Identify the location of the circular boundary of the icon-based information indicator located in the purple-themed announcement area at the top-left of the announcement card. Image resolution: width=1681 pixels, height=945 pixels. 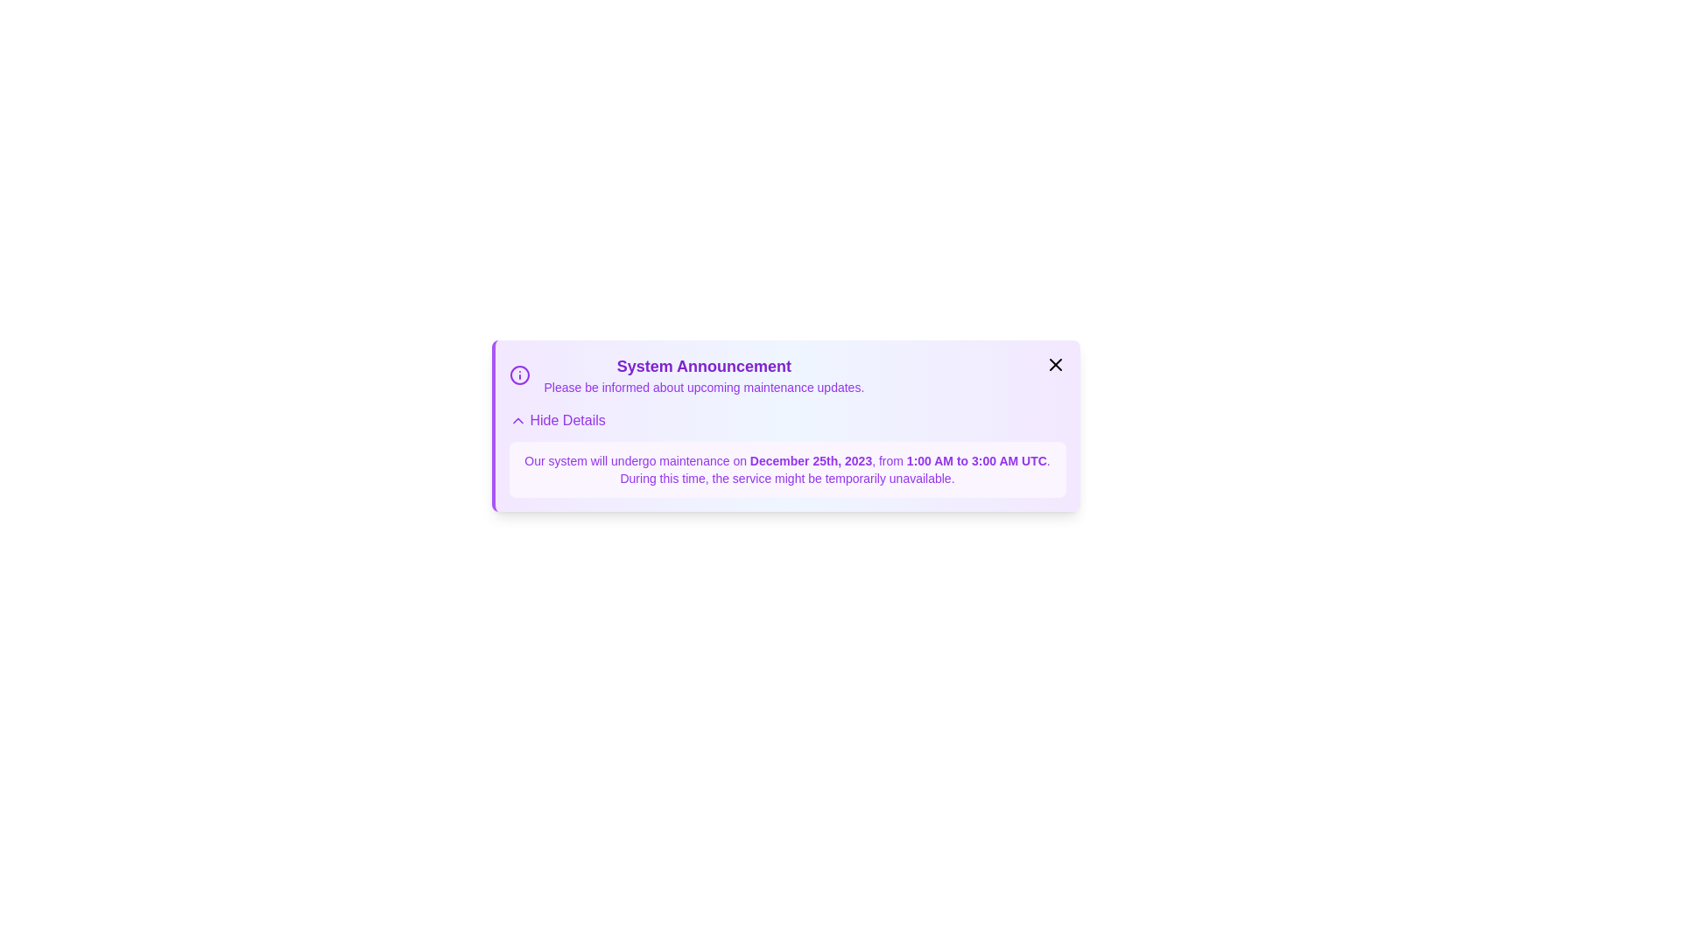
(518, 374).